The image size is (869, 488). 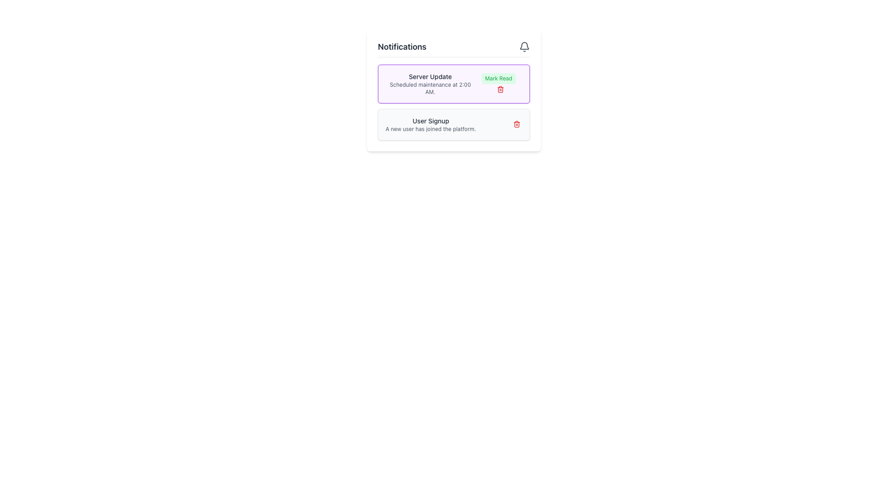 I want to click on the delete button located, so click(x=515, y=125).